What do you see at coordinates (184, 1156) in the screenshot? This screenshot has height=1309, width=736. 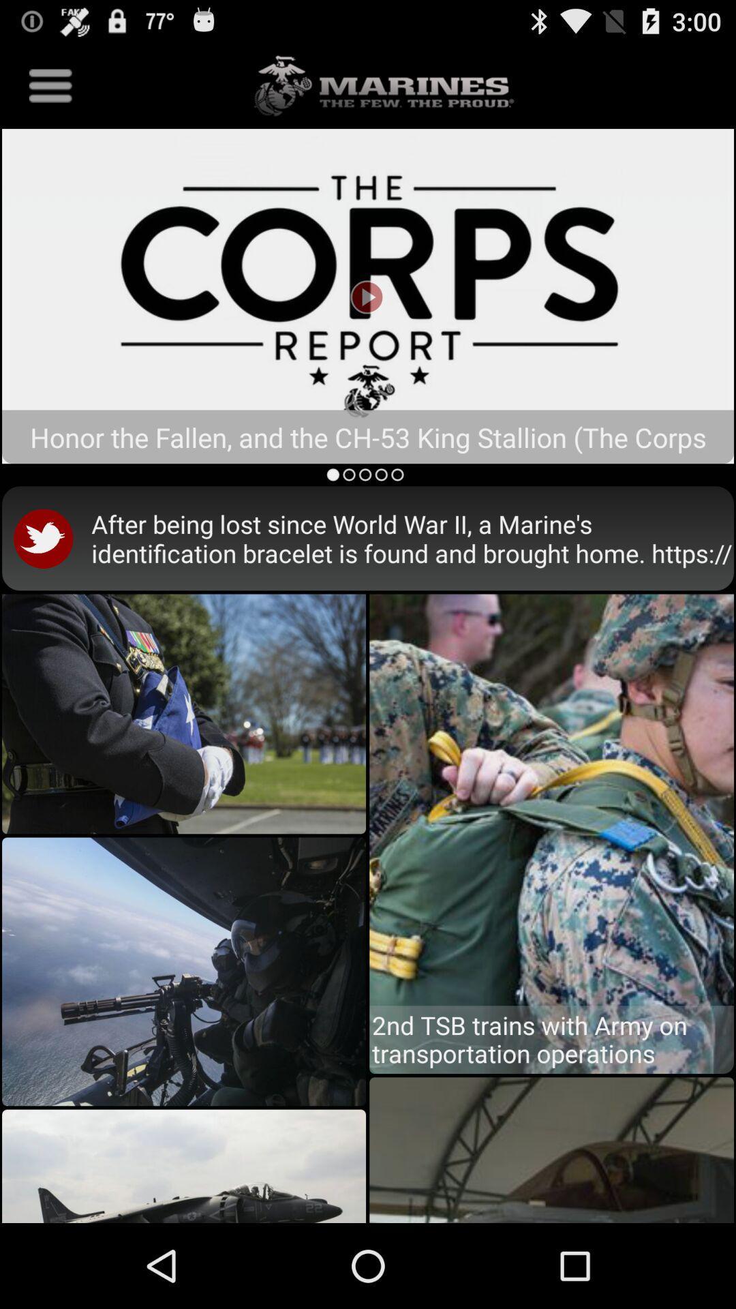 I see `left corner image from bottom` at bounding box center [184, 1156].